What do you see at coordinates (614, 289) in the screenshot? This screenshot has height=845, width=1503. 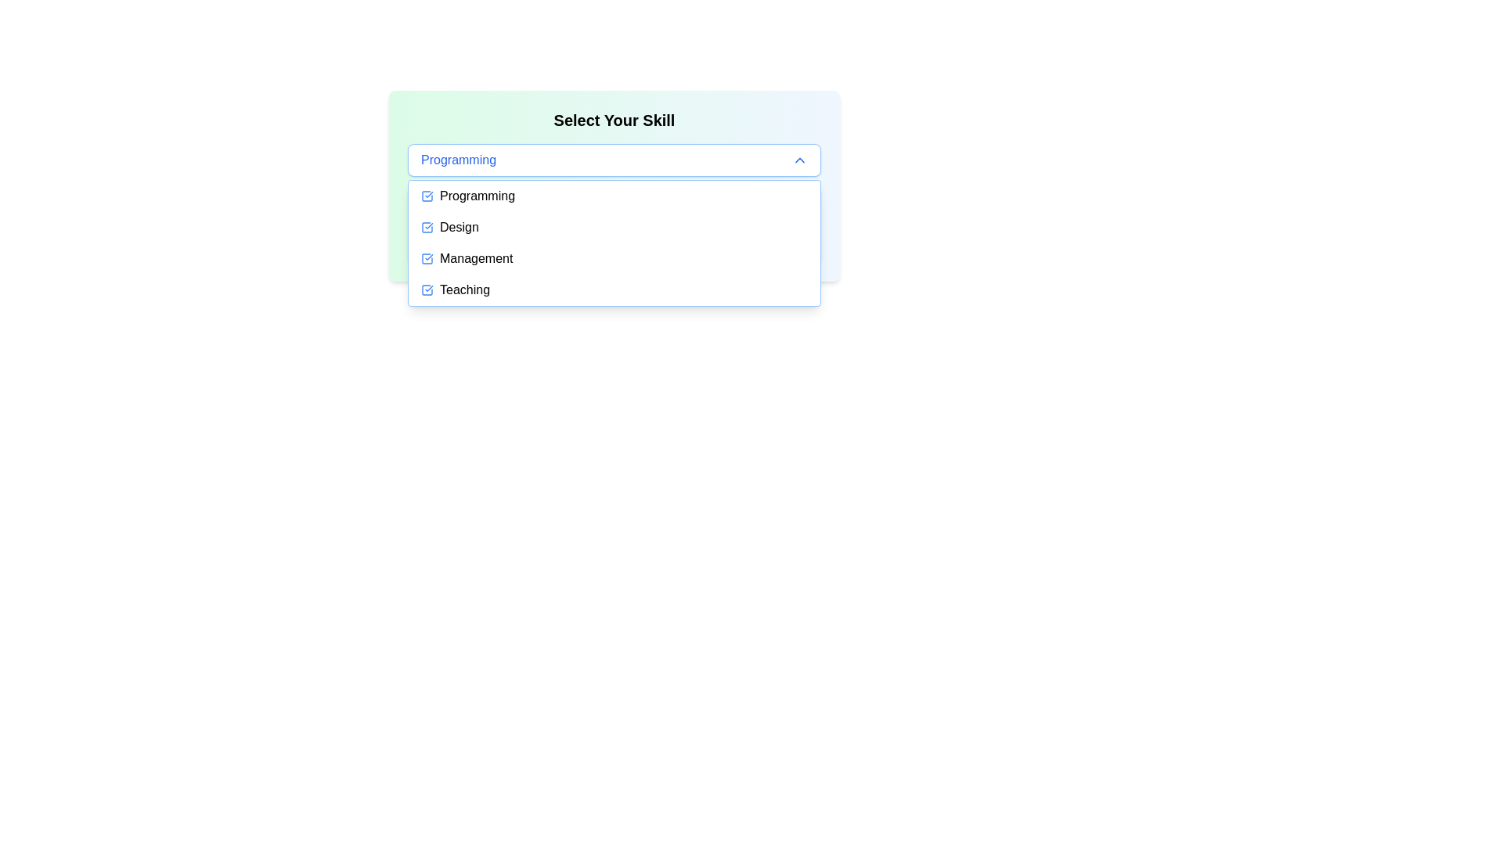 I see `the fourth item in the 'Select Your Skill' dropdown menu, which represents the 'Teaching' skill` at bounding box center [614, 289].